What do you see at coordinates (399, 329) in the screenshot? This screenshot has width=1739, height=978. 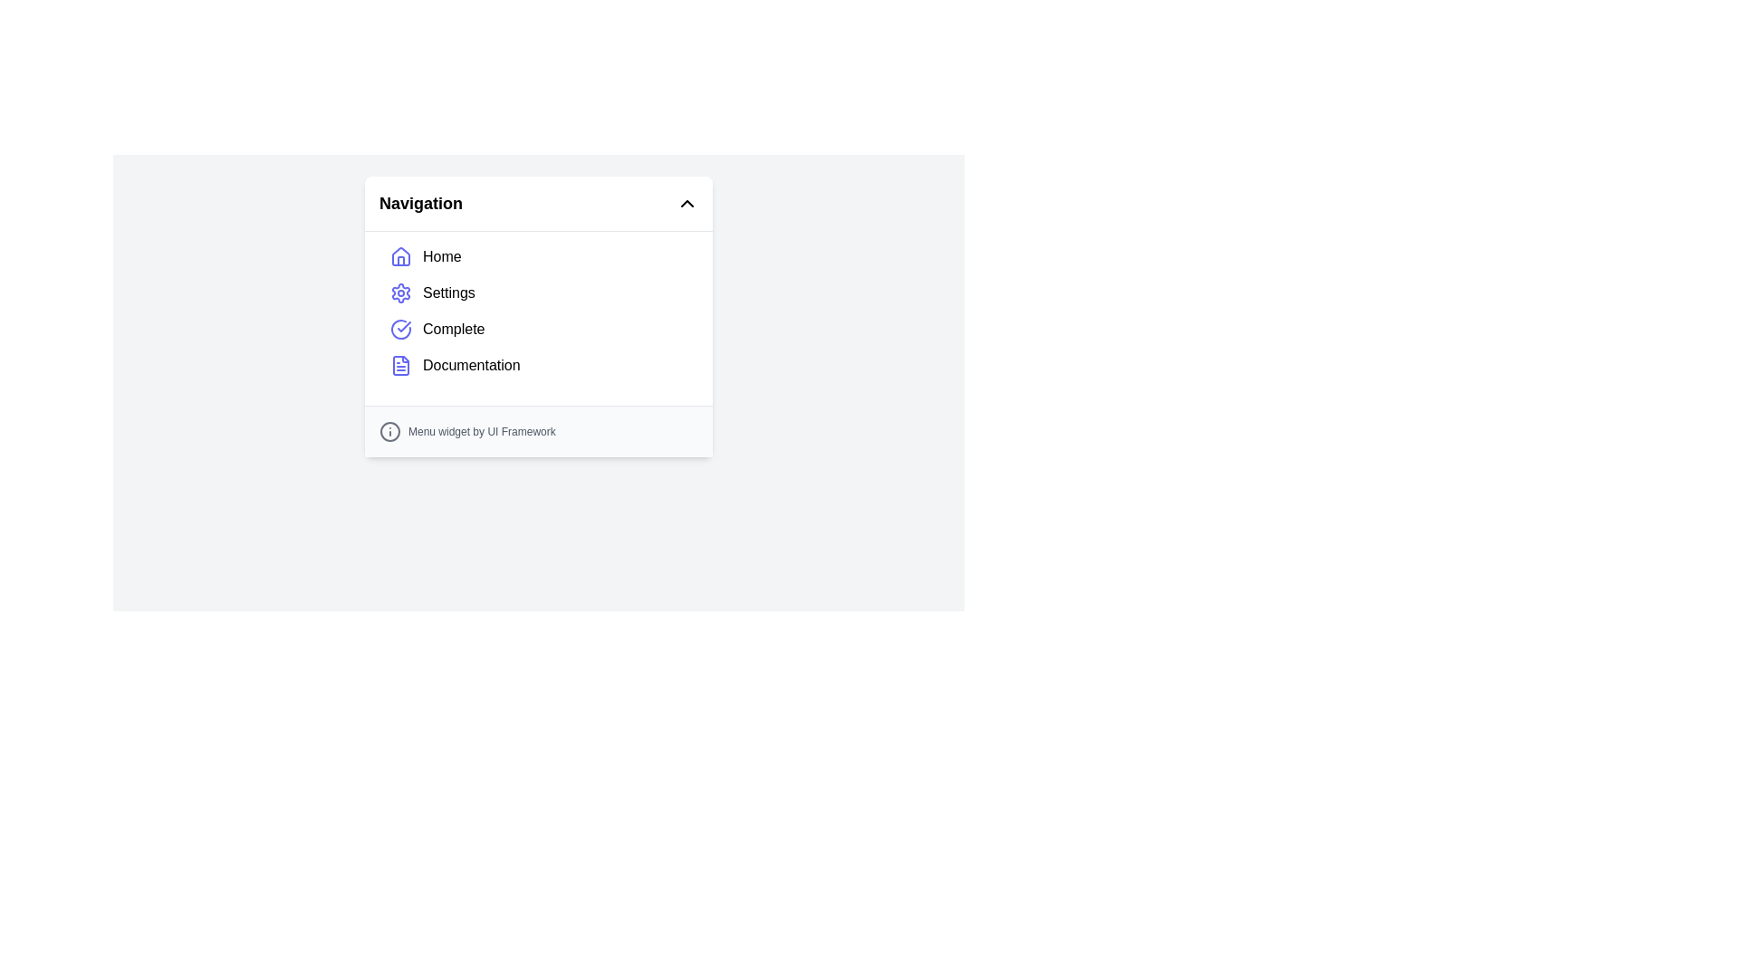 I see `the upper circle part of the SVG icon associated with the 'Complete' menu item entry, which is the third item in the navigation menu list` at bounding box center [399, 329].